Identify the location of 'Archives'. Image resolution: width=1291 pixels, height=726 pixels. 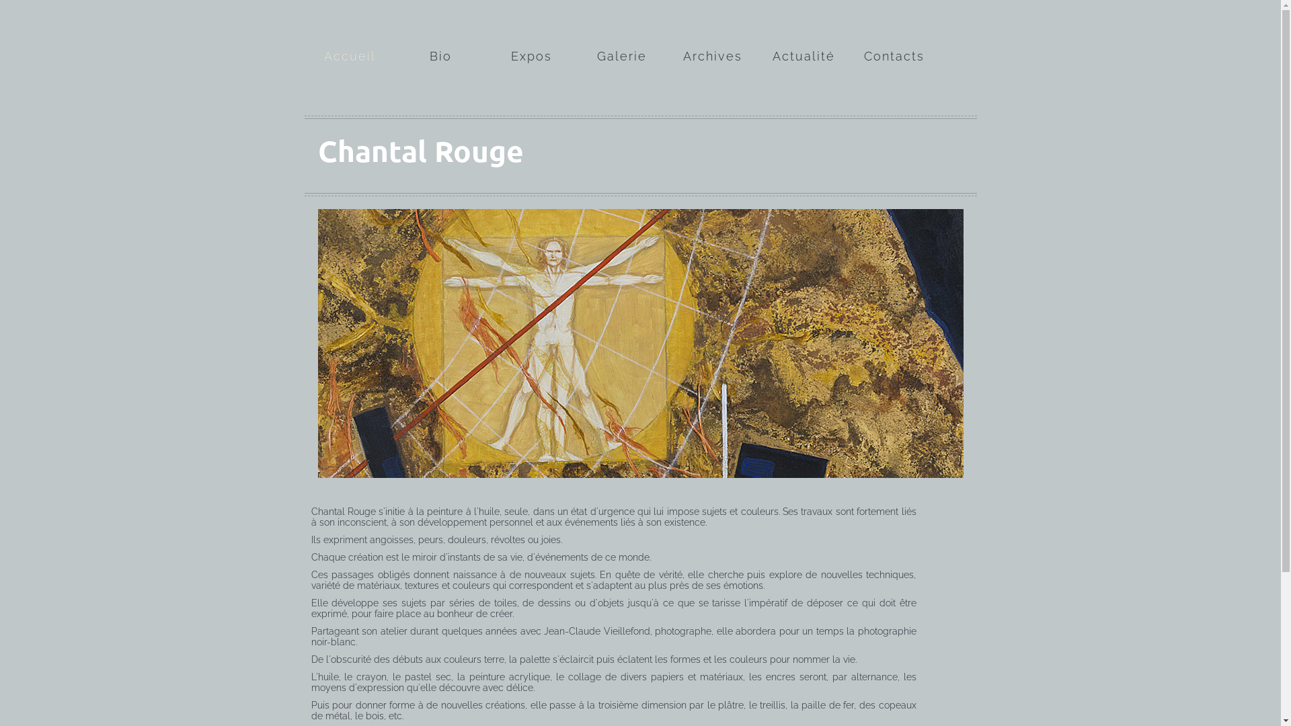
(711, 36).